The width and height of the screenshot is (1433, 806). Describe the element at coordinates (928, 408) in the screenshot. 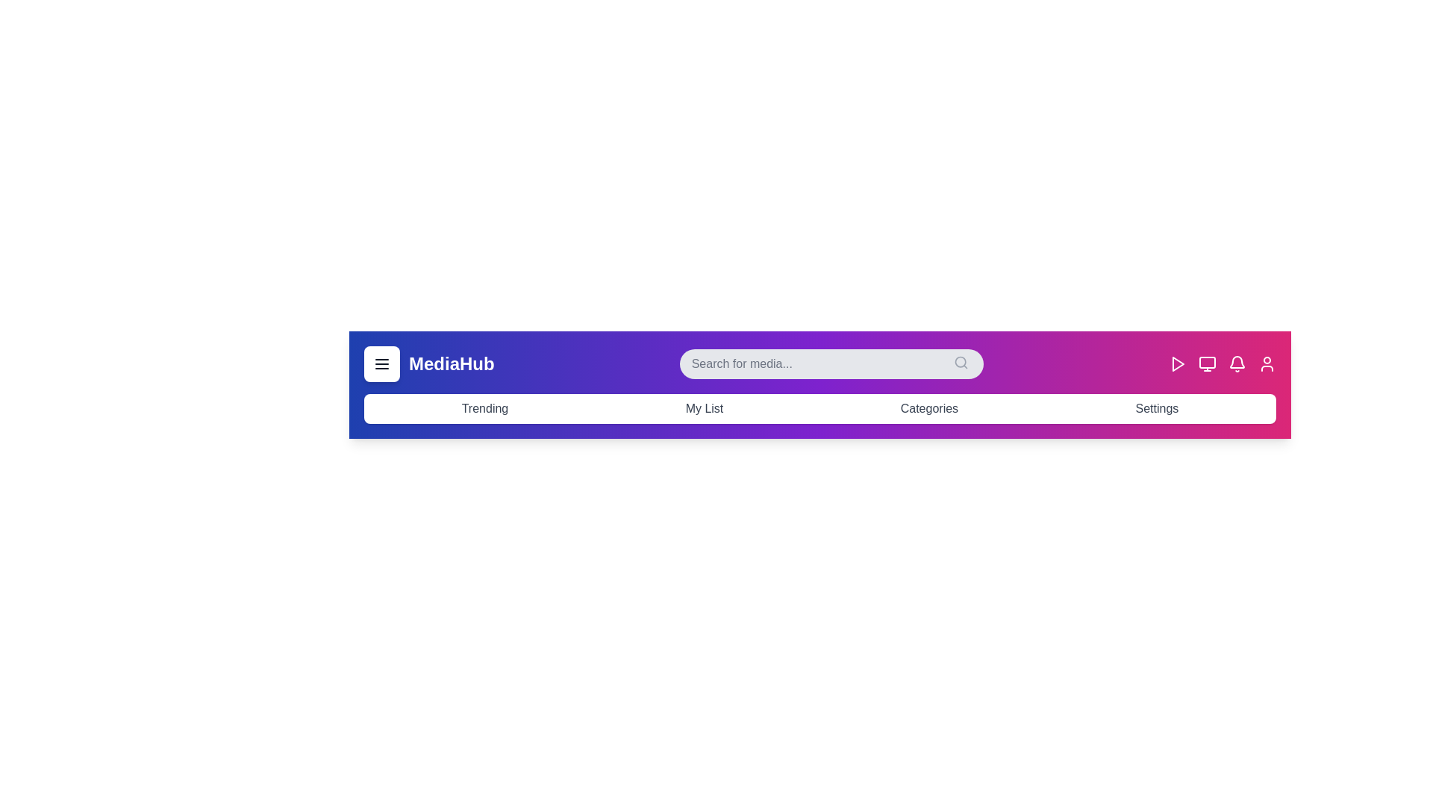

I see `the navigation menu item Categories` at that location.